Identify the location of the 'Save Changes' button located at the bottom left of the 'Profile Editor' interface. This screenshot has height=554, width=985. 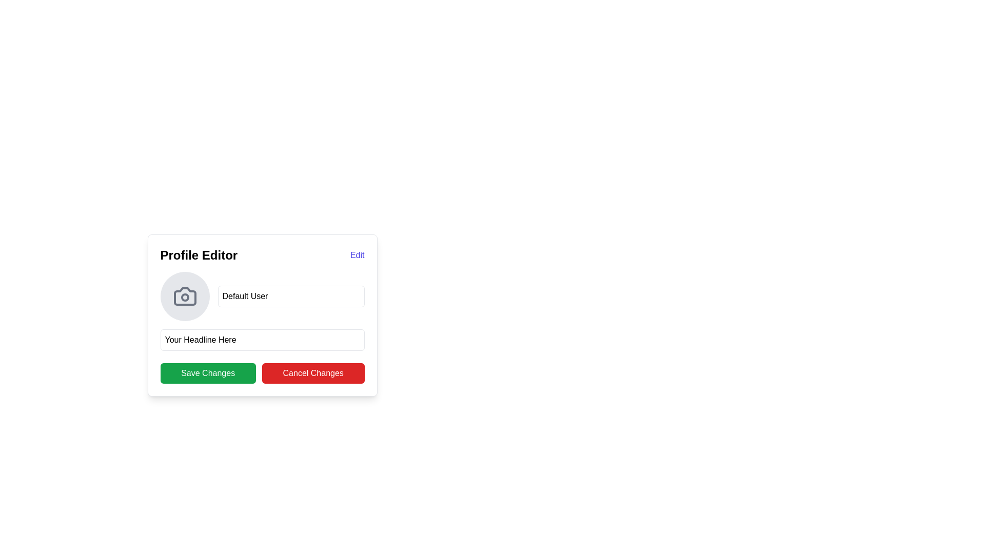
(207, 373).